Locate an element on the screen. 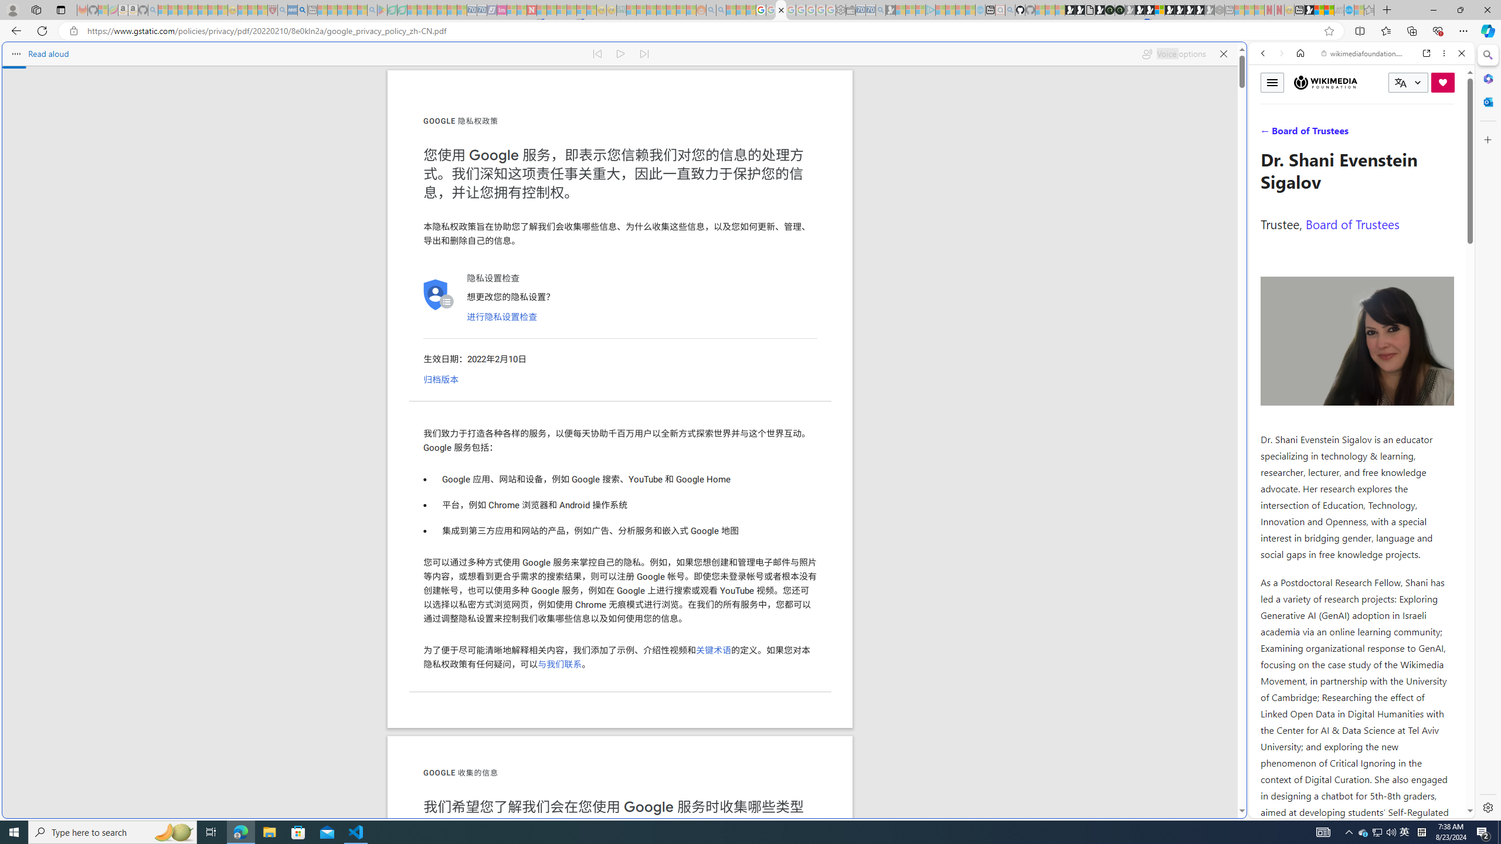 This screenshot has height=844, width=1501. 'Class: i icon icon-translate language-switcher__icon' is located at coordinates (1400, 83).